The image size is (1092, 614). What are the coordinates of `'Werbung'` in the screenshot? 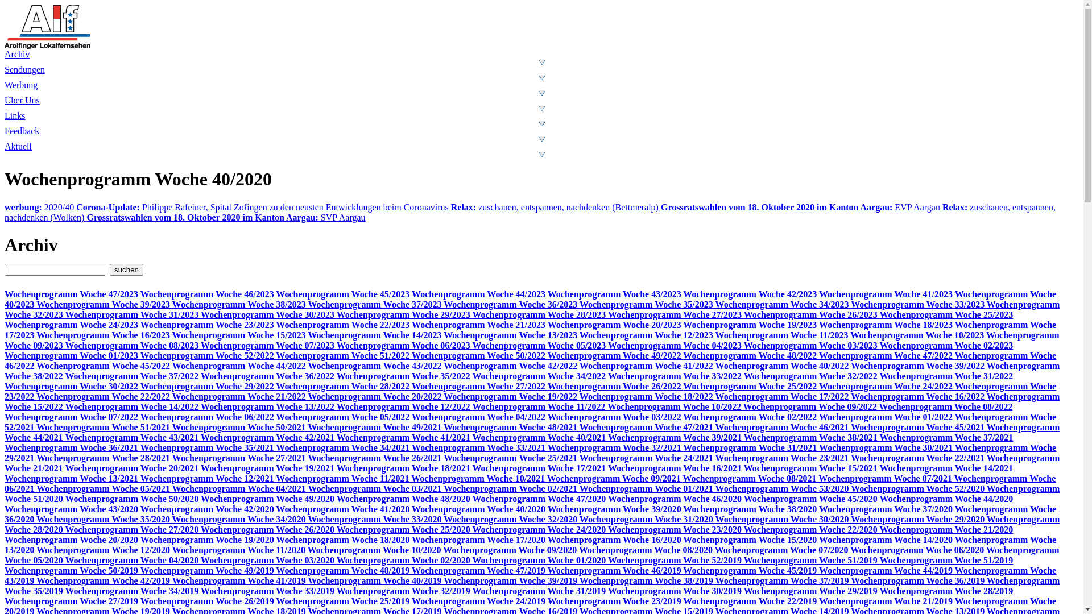 It's located at (5, 92).